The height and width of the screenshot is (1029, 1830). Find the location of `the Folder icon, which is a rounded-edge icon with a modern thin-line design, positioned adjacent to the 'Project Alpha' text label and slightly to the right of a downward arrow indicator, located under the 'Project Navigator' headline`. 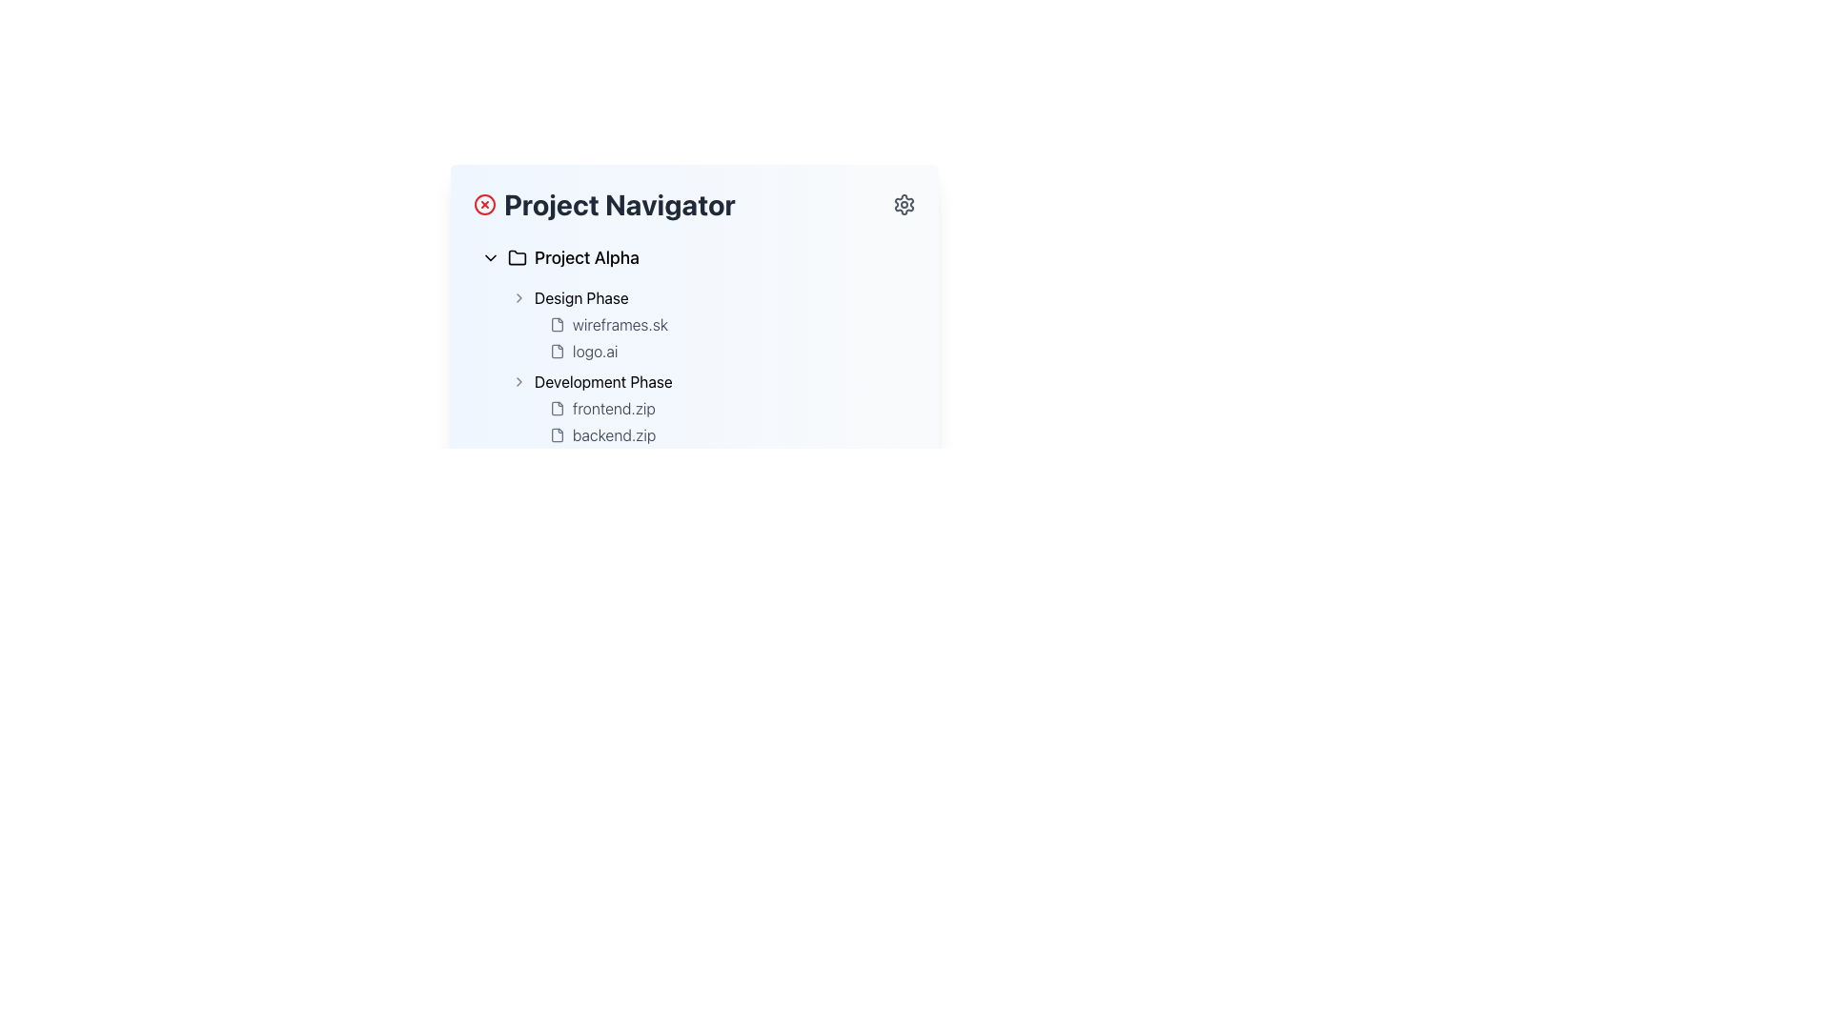

the Folder icon, which is a rounded-edge icon with a modern thin-line design, positioned adjacent to the 'Project Alpha' text label and slightly to the right of a downward arrow indicator, located under the 'Project Navigator' headline is located at coordinates (517, 257).